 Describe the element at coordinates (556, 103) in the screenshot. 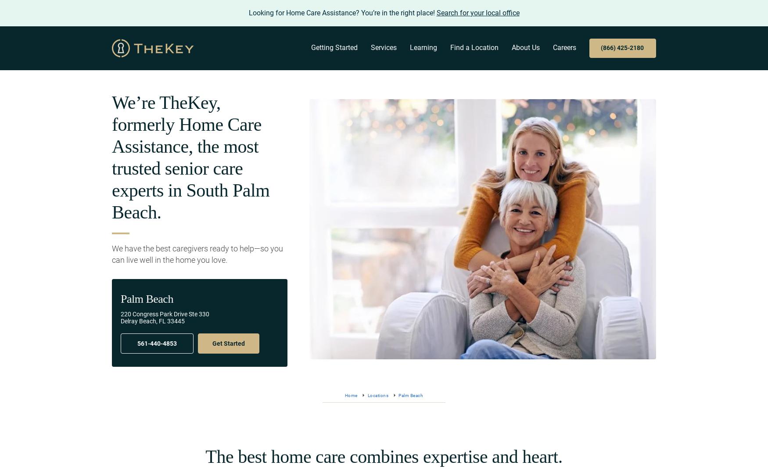

I see `'Corporate and Field Offices'` at that location.